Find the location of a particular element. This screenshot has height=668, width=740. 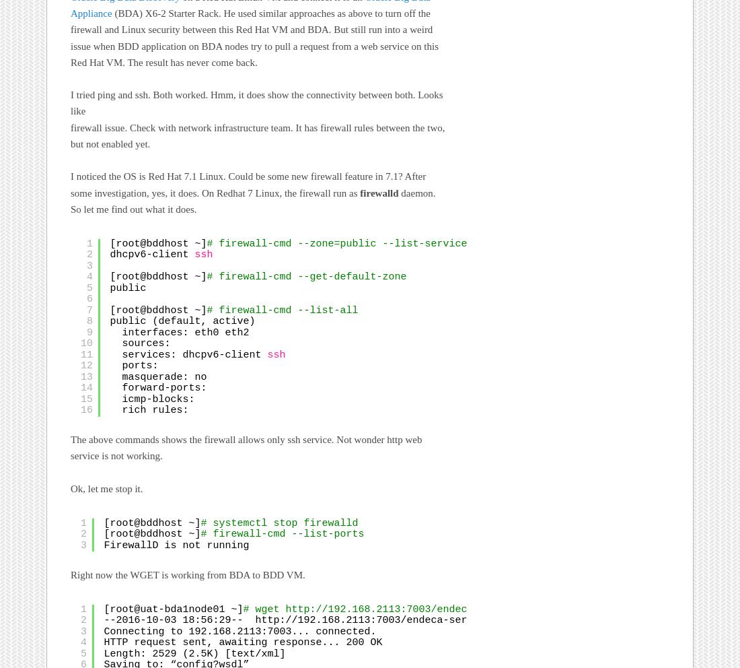

'# firewall-cmd --list-all' is located at coordinates (281, 310).